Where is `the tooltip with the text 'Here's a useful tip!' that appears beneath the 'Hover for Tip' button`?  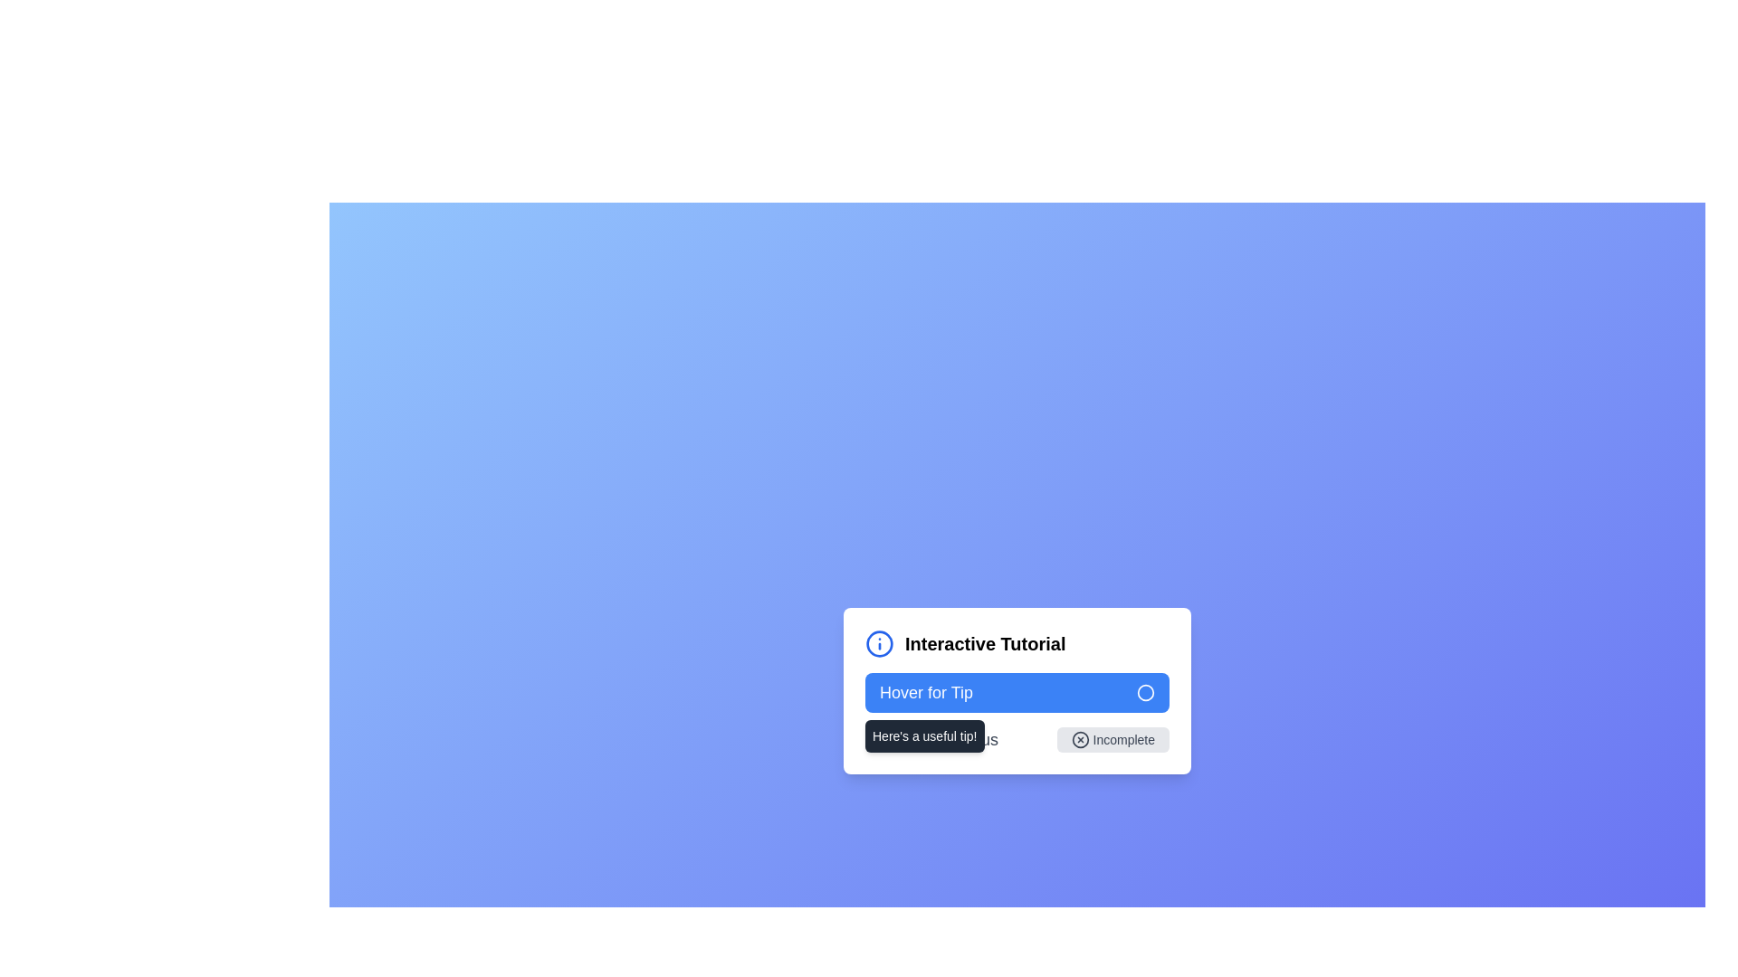
the tooltip with the text 'Here's a useful tip!' that appears beneath the 'Hover for Tip' button is located at coordinates (924, 735).